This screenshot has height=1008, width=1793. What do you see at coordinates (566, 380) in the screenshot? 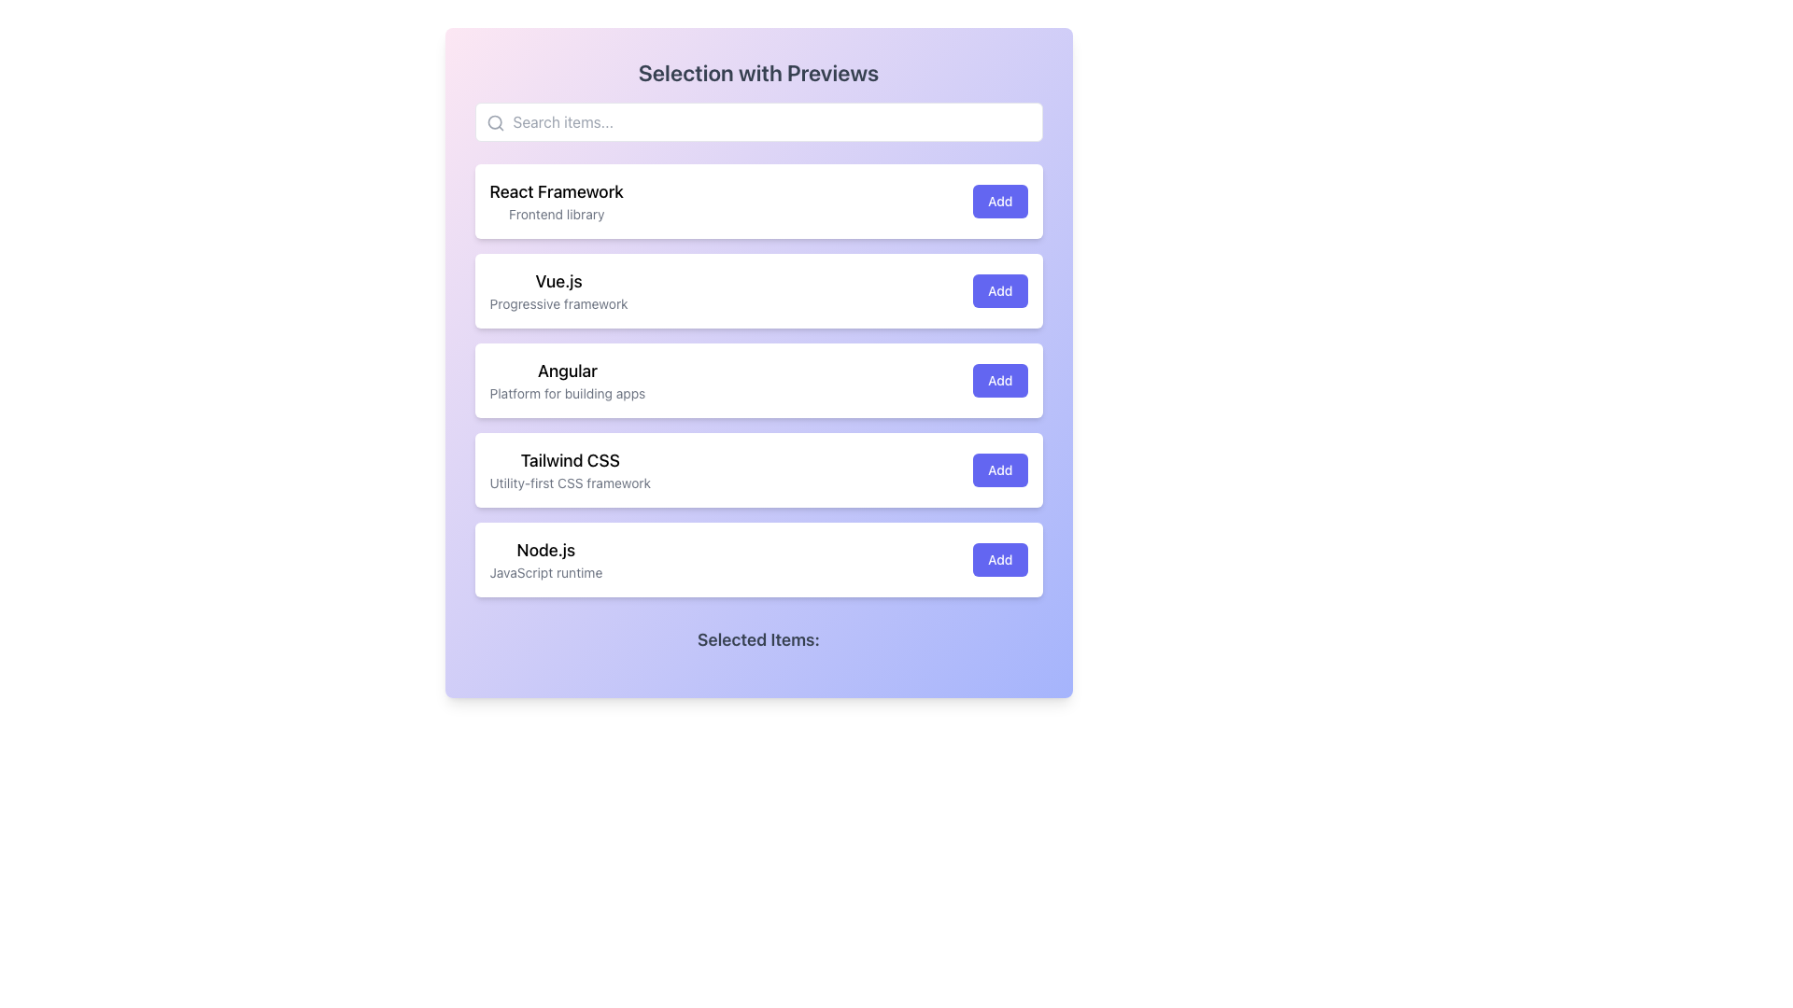
I see `the text block containing the title and subtitle pair labeled 'Angular' which is positioned within the third entry of a vertically stacked list of items` at bounding box center [566, 380].